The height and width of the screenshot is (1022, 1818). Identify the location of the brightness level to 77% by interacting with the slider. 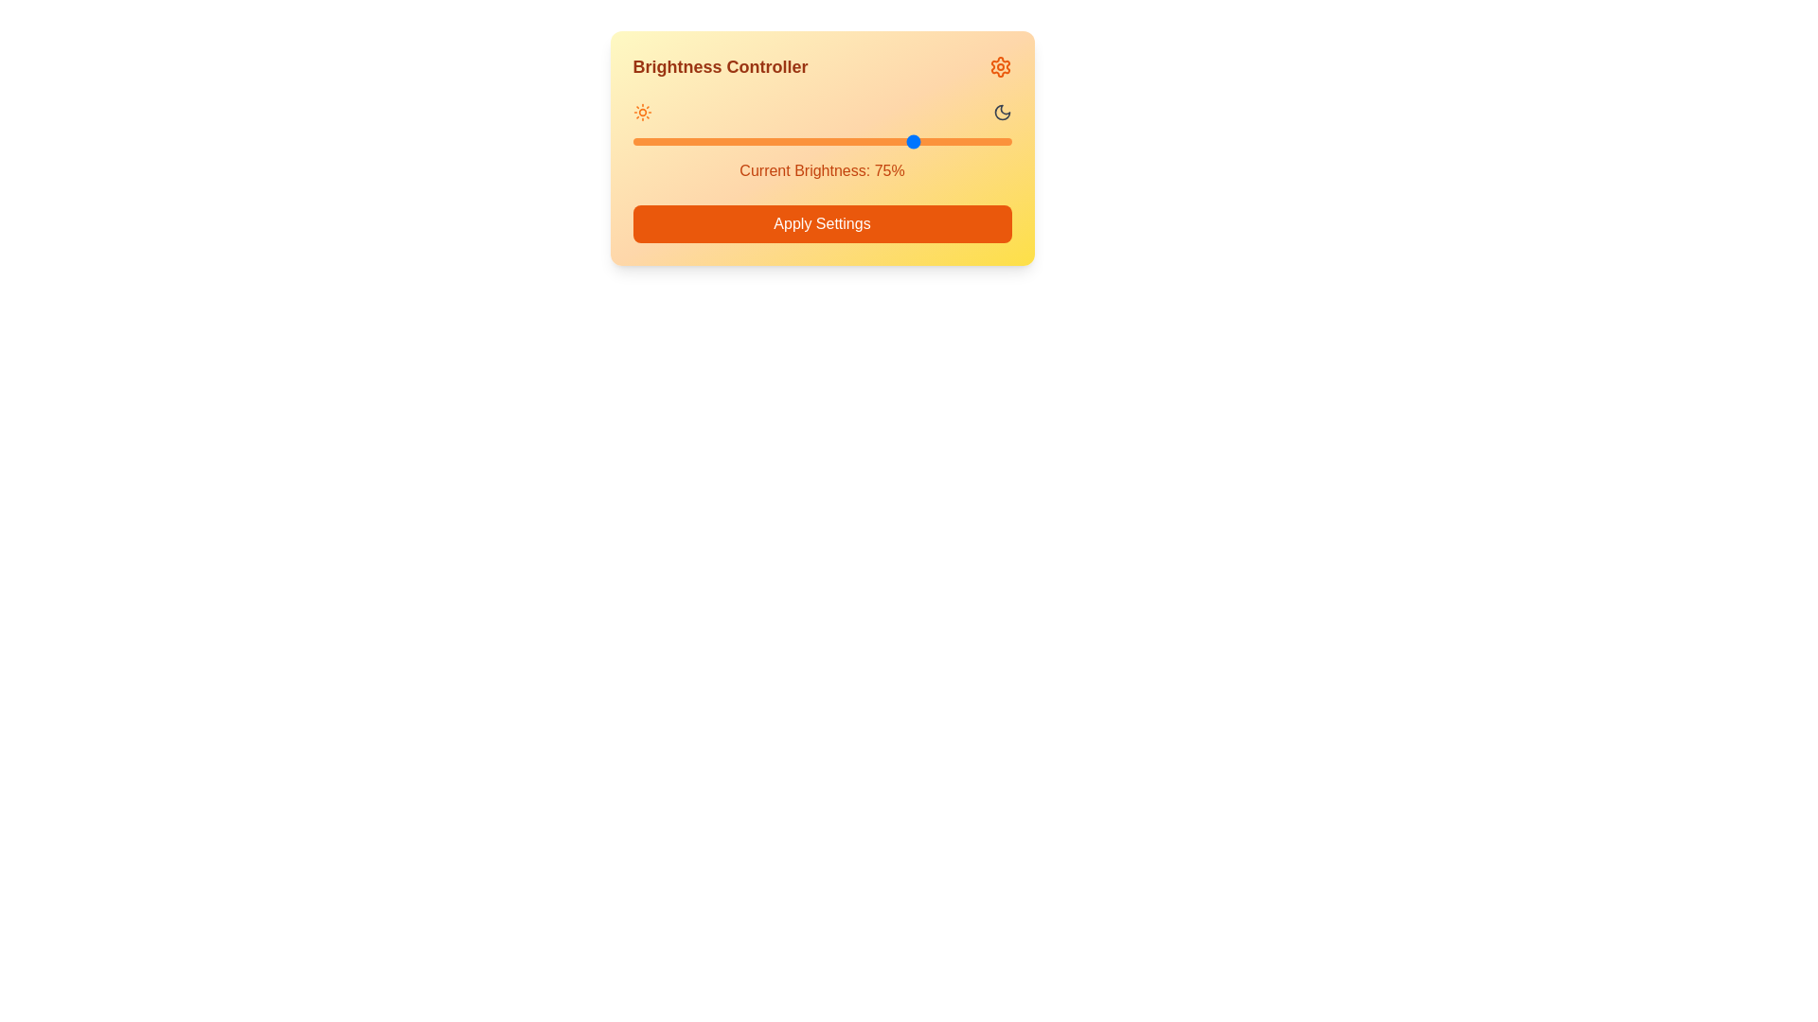
(924, 141).